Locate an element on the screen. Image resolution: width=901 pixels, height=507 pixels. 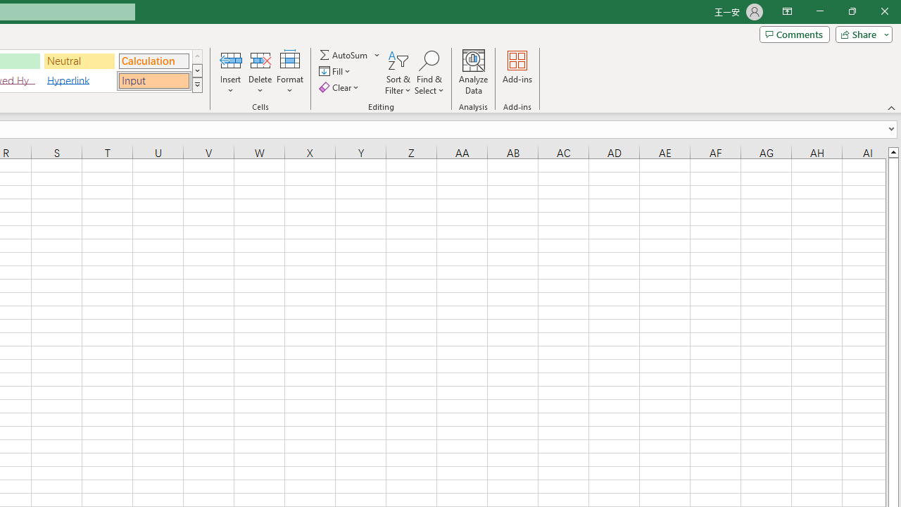
'Neutral' is located at coordinates (79, 60).